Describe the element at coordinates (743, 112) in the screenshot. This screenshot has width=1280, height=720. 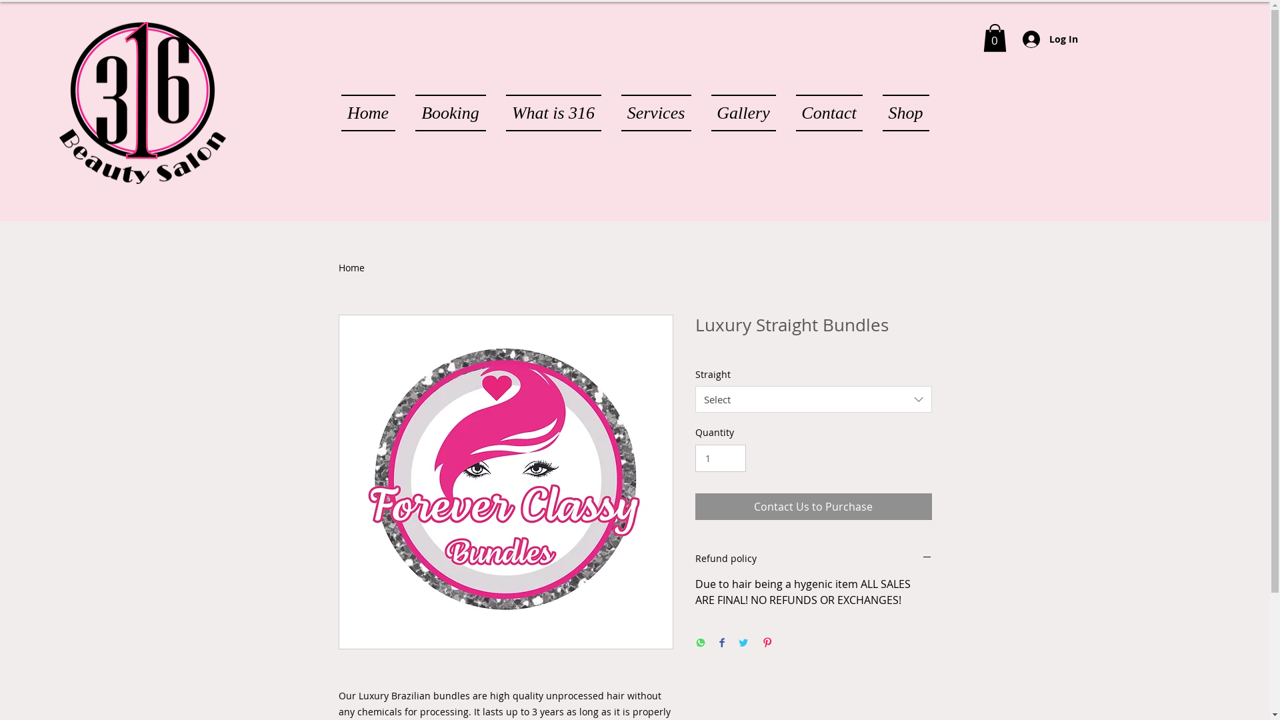
I see `'Gallery'` at that location.